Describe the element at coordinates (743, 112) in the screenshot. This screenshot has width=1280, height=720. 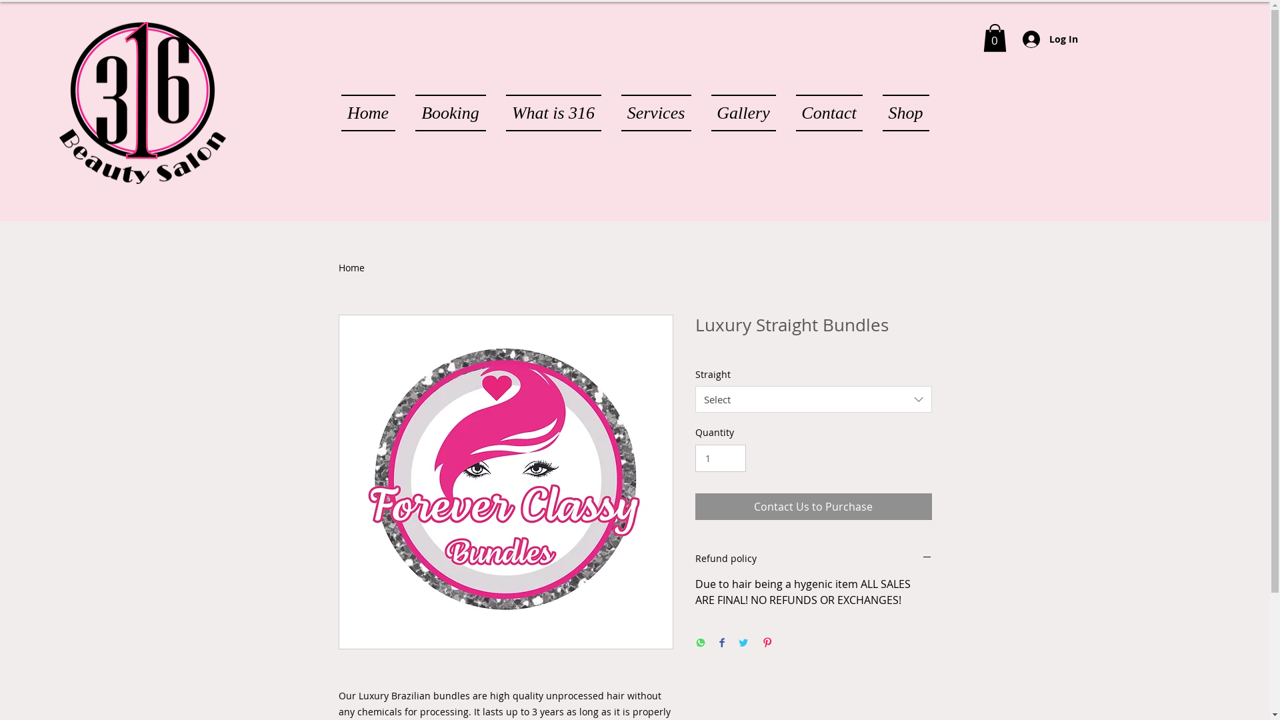
I see `'Gallery'` at that location.